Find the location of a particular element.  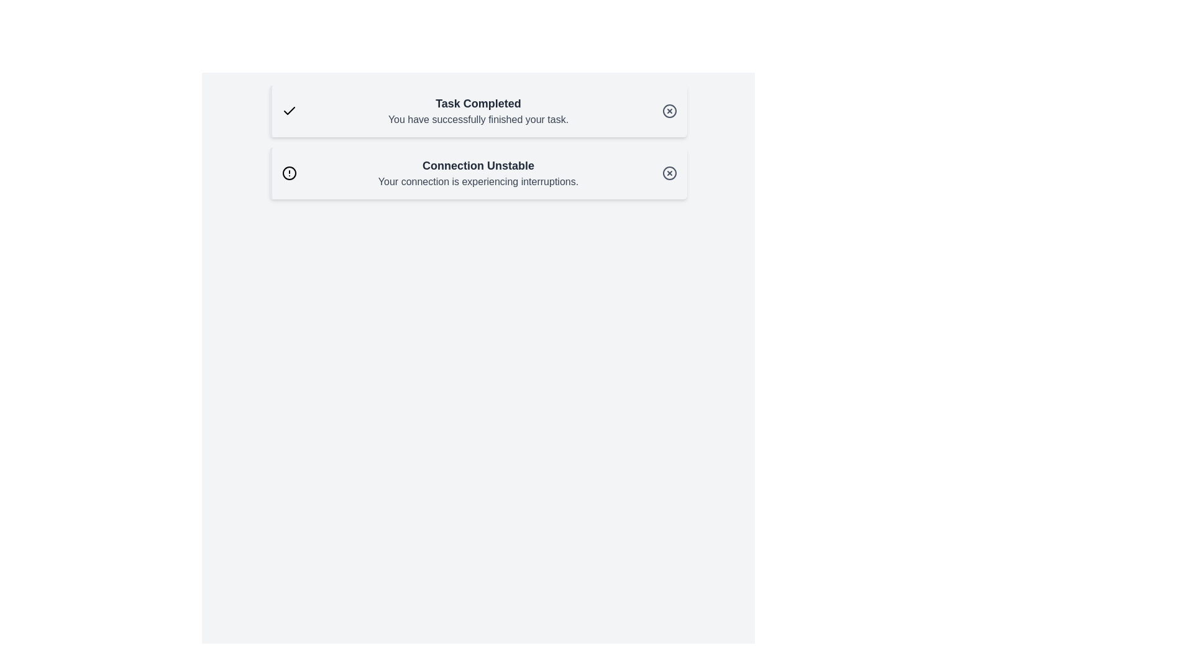

the text element displaying 'Task Completed', which is styled in bold and dark gray, located at the top of the notification card is located at coordinates (477, 103).